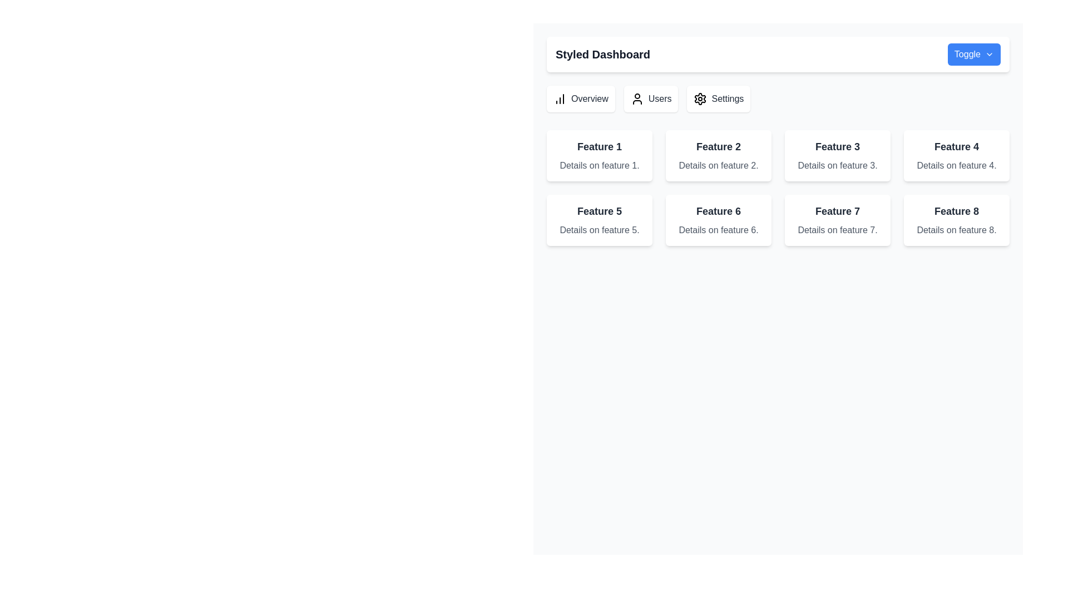 The height and width of the screenshot is (601, 1068). Describe the element at coordinates (956, 220) in the screenshot. I see `the static informational card located in the bottom-right corner of the grid layout, which is the fourth card in the second row of a 4x2 grid` at that location.